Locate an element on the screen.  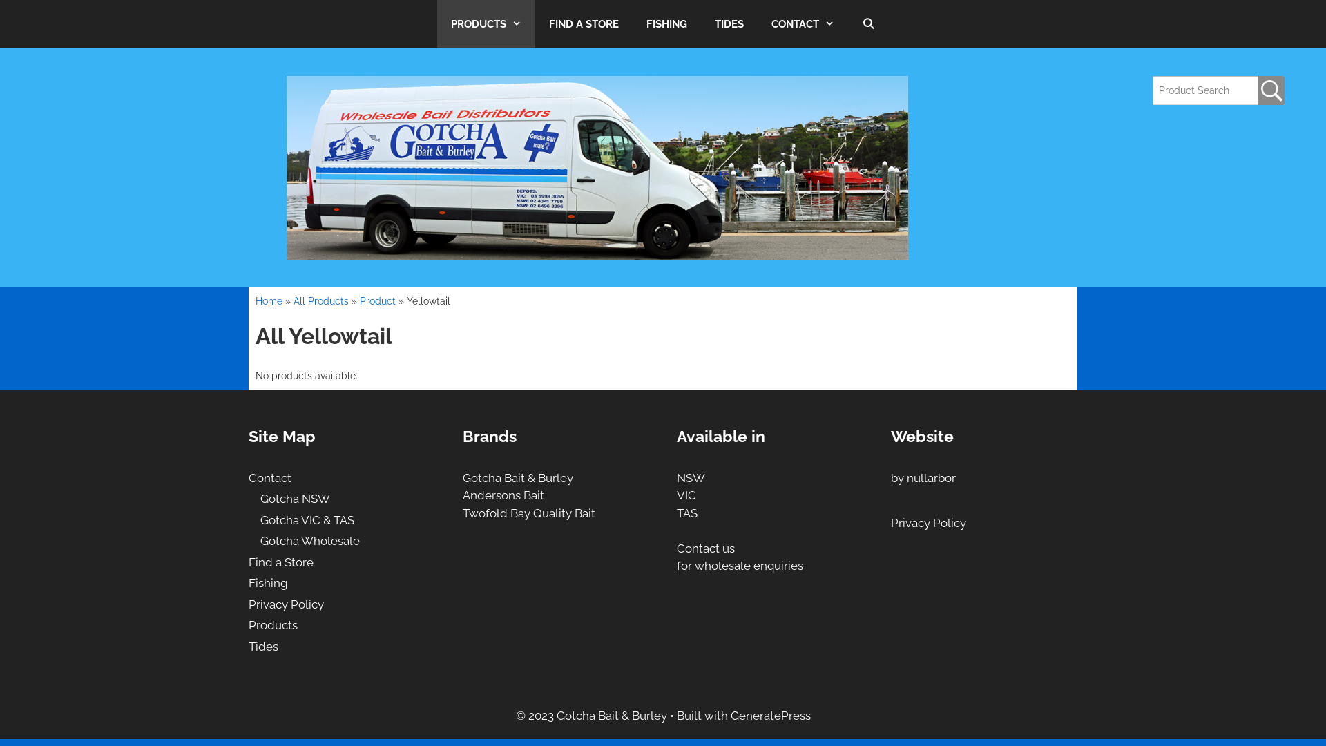
'Gotcha VIC & TAS' is located at coordinates (307, 519).